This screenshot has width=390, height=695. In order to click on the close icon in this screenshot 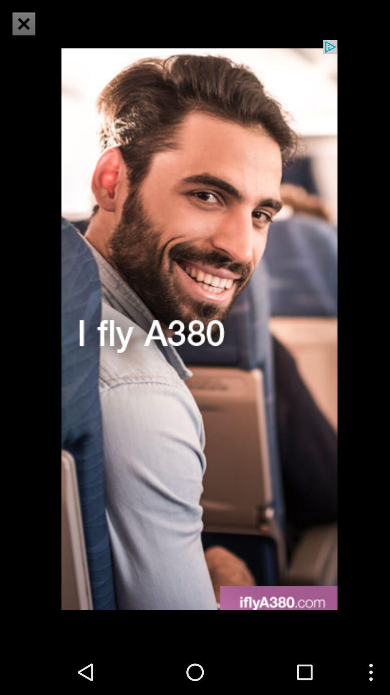, I will do `click(23, 25)`.